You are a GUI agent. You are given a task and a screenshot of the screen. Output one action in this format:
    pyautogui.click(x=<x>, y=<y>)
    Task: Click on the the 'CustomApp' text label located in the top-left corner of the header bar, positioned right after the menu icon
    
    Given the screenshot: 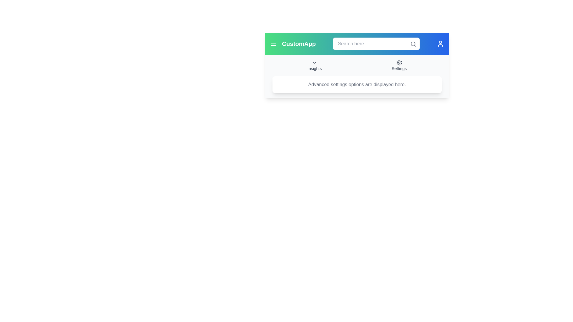 What is the action you would take?
    pyautogui.click(x=293, y=43)
    